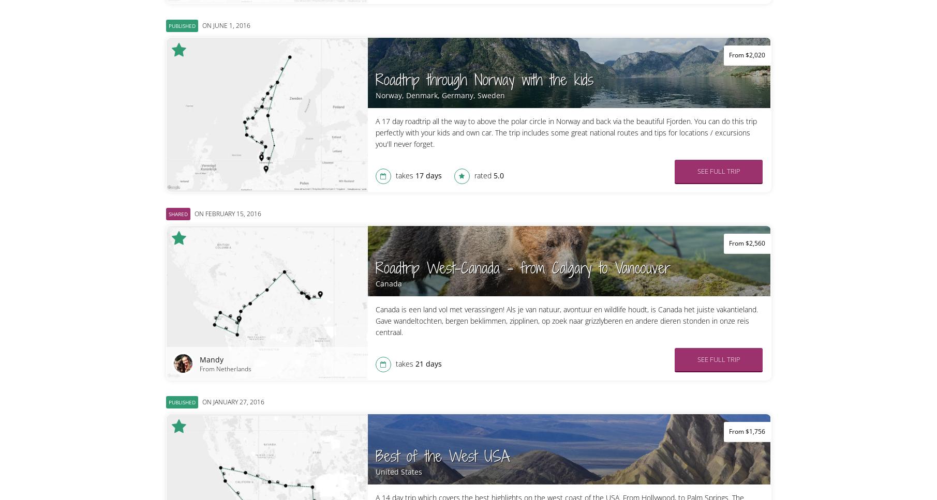 The image size is (937, 500). Describe the element at coordinates (483, 80) in the screenshot. I see `'Roadtrip through Norway with the kids'` at that location.